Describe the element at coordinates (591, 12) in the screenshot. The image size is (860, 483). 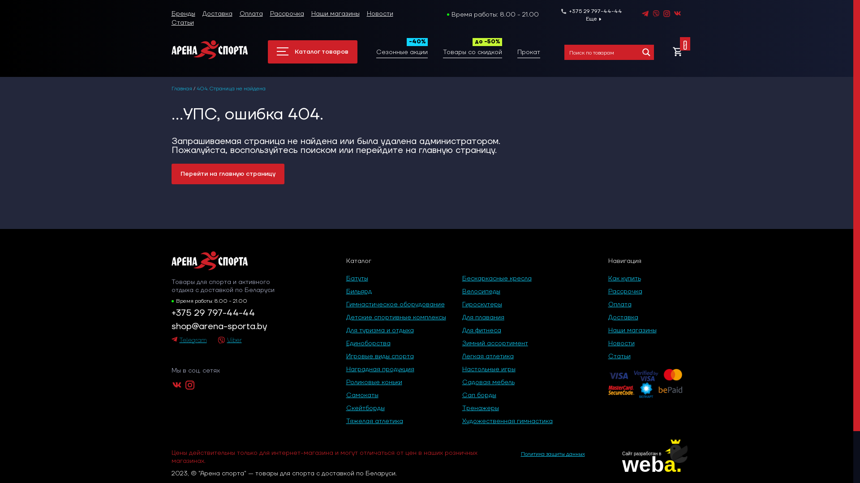
I see `'+375 29 797-44-44'` at that location.